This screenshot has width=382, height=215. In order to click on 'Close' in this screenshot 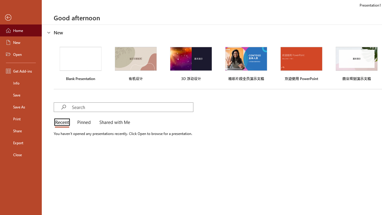, I will do `click(21, 154)`.